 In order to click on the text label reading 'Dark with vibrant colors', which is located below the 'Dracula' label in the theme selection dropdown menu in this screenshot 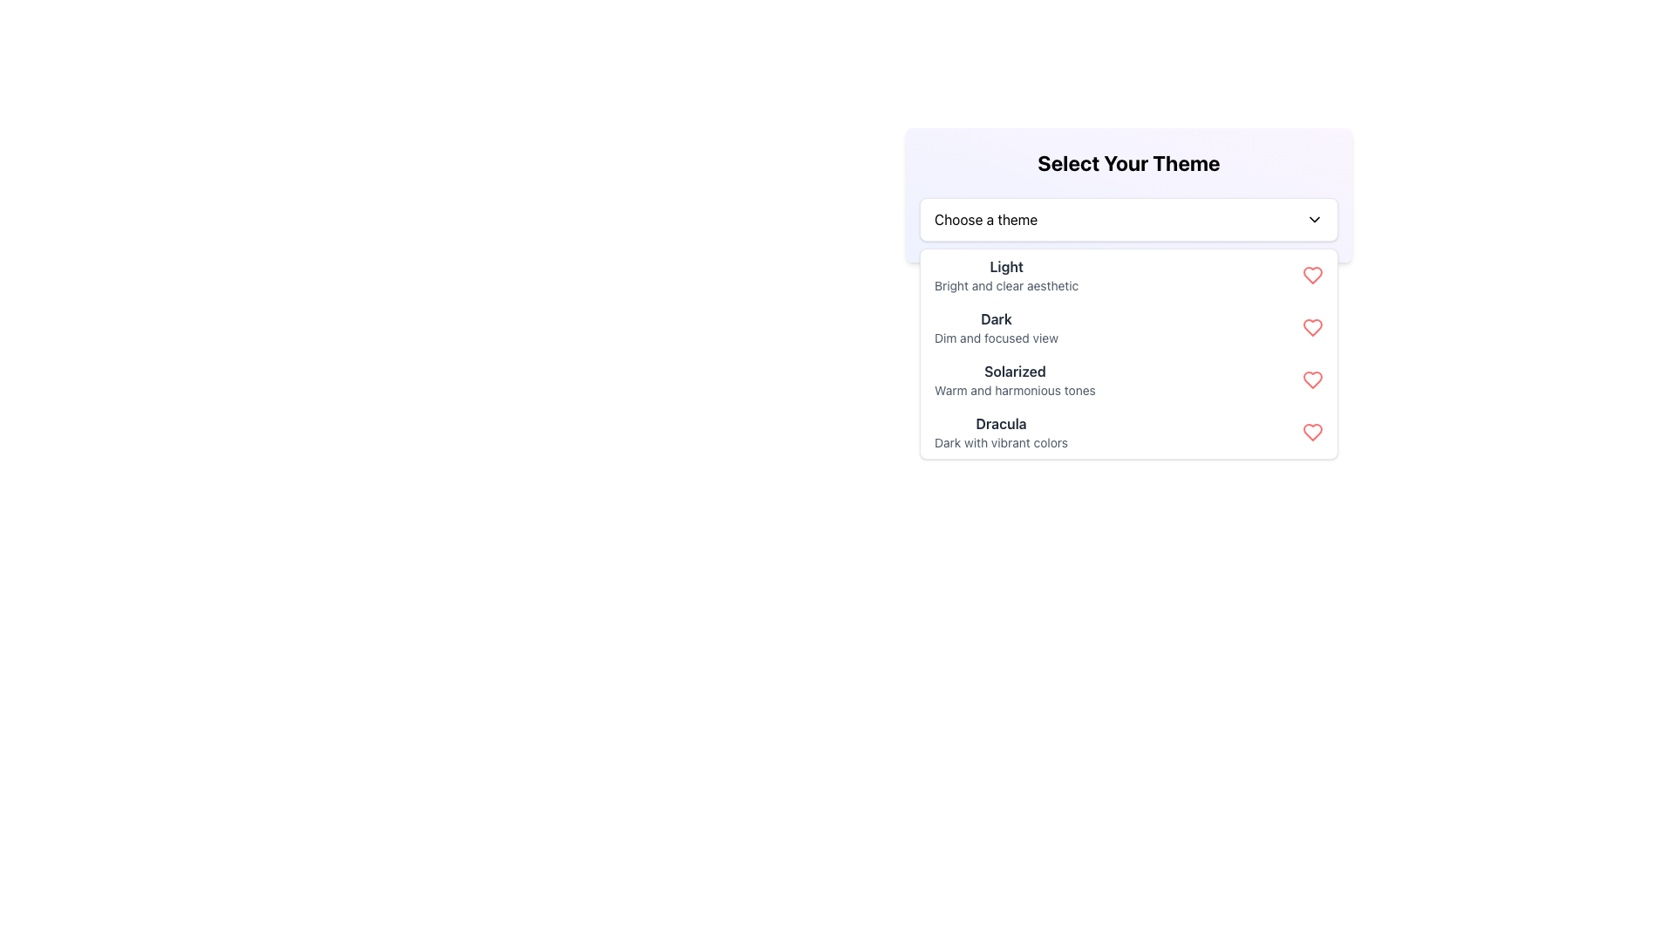, I will do `click(1001, 442)`.